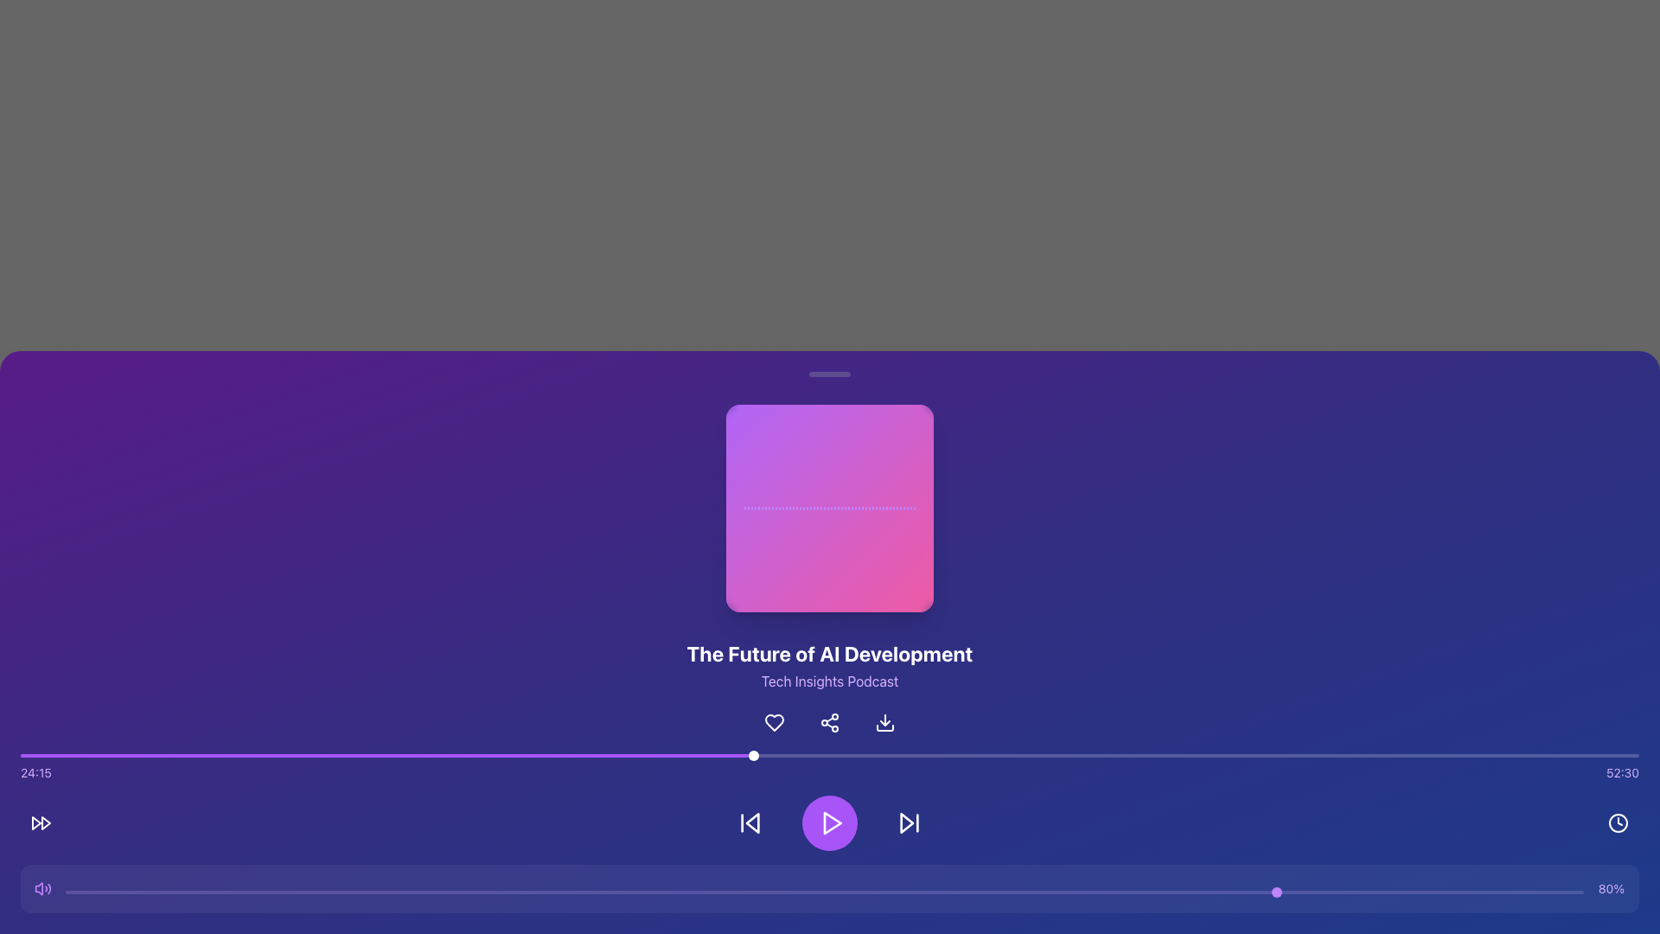 Image resolution: width=1660 pixels, height=934 pixels. Describe the element at coordinates (21, 755) in the screenshot. I see `progress` at that location.